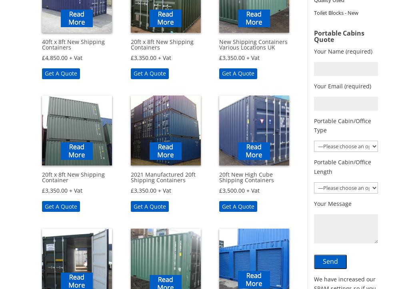 This screenshot has width=420, height=289. Describe the element at coordinates (219, 44) in the screenshot. I see `'New Shipping Containers Various Locations UK'` at that location.